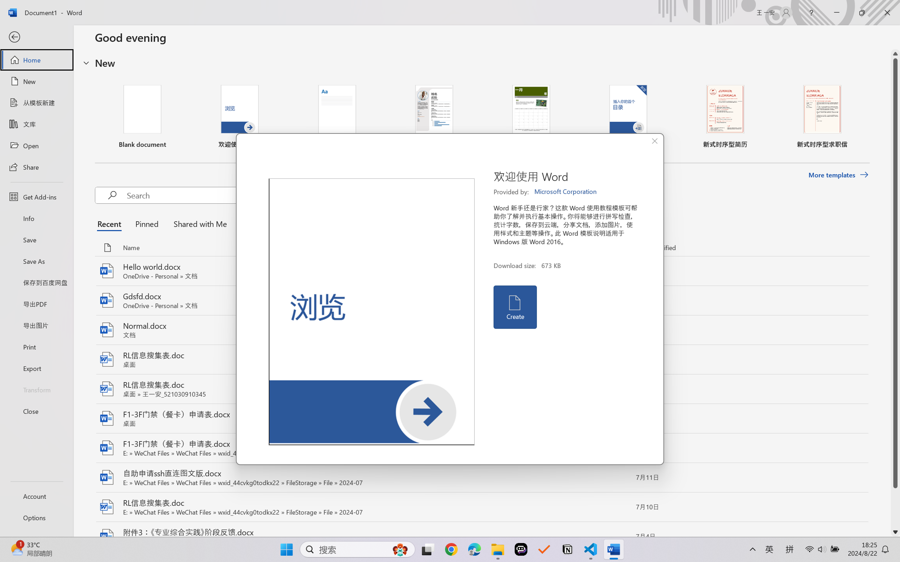 Image resolution: width=900 pixels, height=562 pixels. I want to click on 'Hide or show region', so click(86, 62).